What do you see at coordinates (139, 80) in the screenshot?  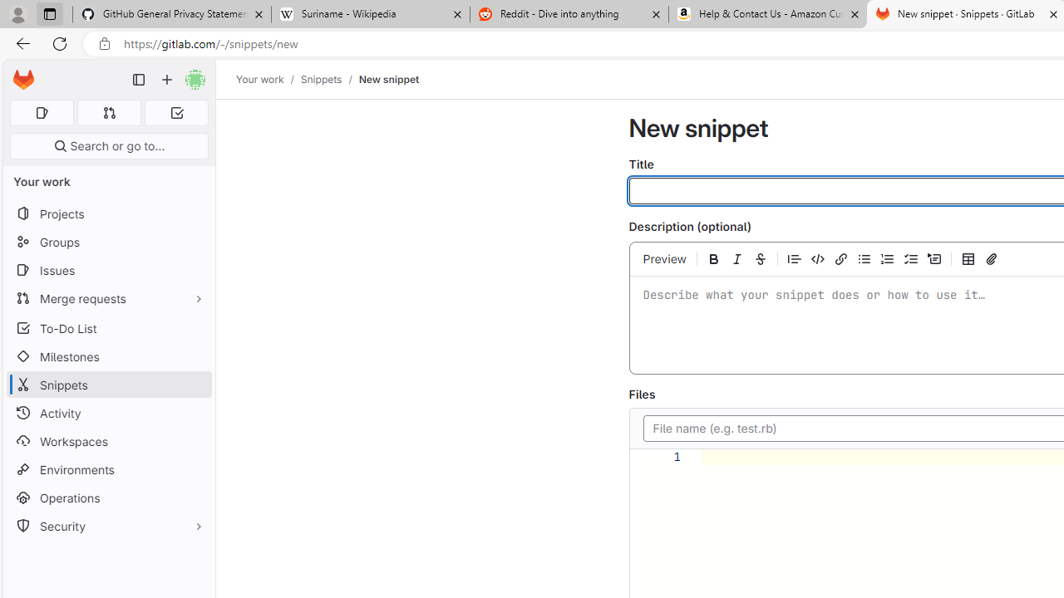 I see `'Primary navigation sidebar'` at bounding box center [139, 80].